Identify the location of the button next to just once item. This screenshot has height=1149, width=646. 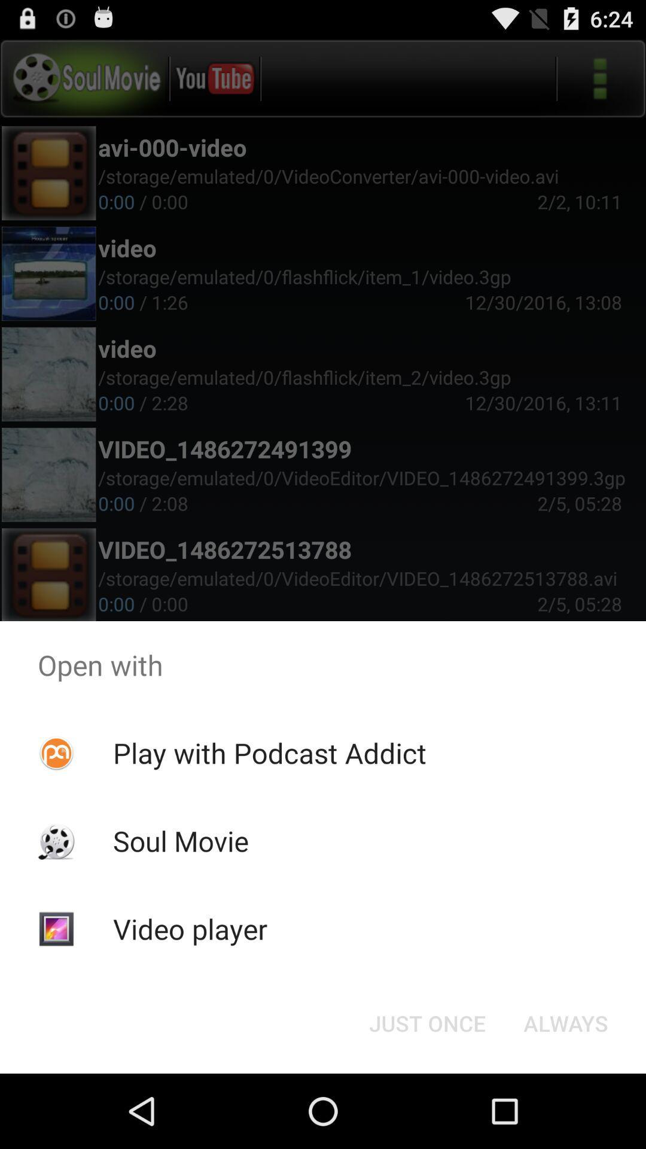
(565, 1022).